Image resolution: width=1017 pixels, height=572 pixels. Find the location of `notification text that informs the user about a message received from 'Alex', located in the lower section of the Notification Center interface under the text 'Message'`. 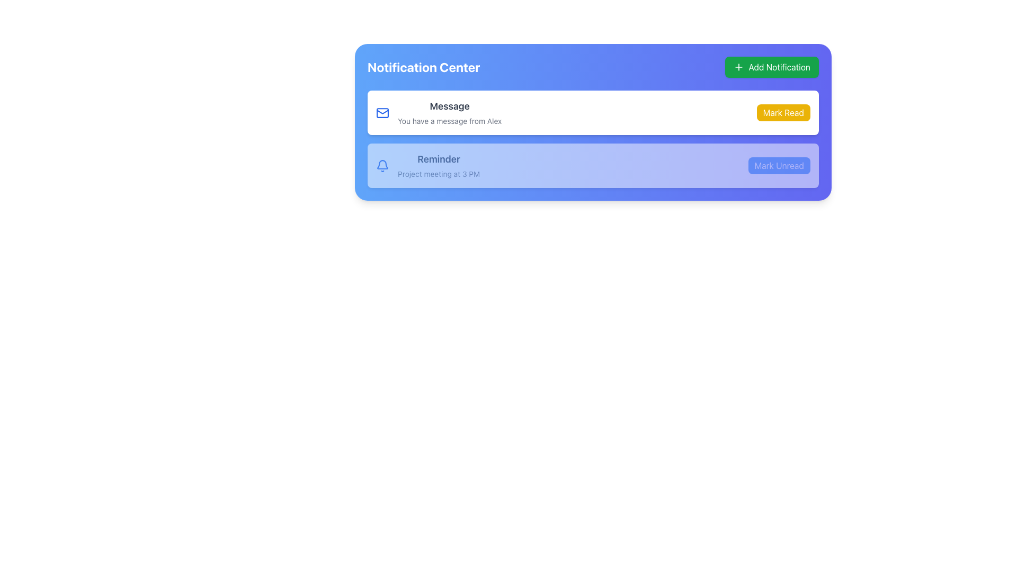

notification text that informs the user about a message received from 'Alex', located in the lower section of the Notification Center interface under the text 'Message' is located at coordinates (450, 120).